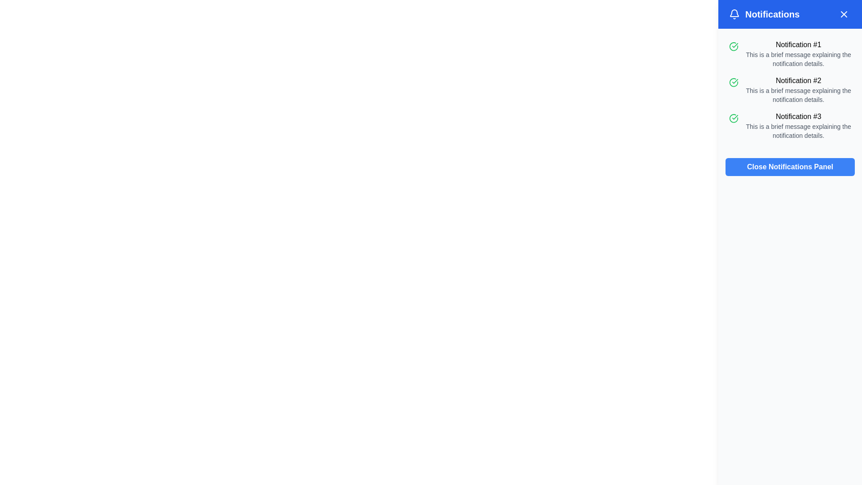  Describe the element at coordinates (735, 45) in the screenshot. I see `the green checkmark icon in the second notification entry of the notification panel, located to the left of 'Notification #2.'` at that location.